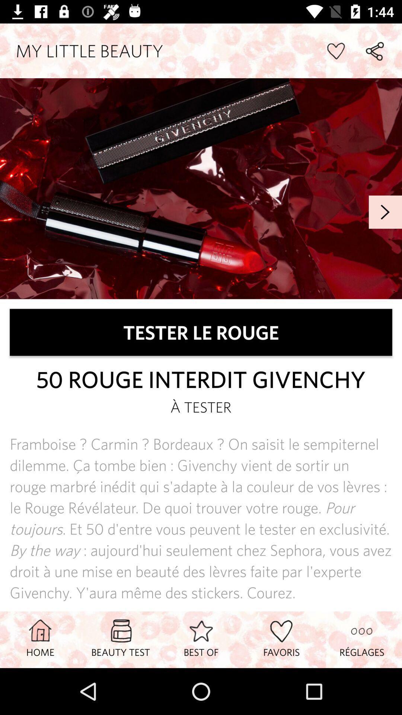 The height and width of the screenshot is (715, 402). Describe the element at coordinates (120, 639) in the screenshot. I see `beauty test item` at that location.